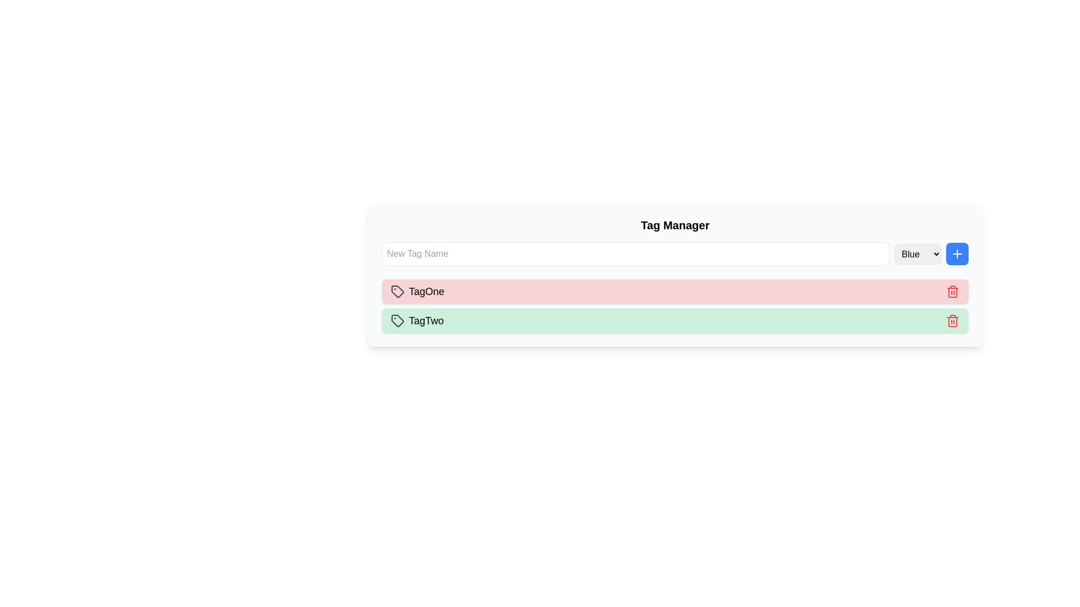 Image resolution: width=1080 pixels, height=607 pixels. Describe the element at coordinates (426, 320) in the screenshot. I see `the text label 'TagTwo', which is styled with a bold font on a green background` at that location.